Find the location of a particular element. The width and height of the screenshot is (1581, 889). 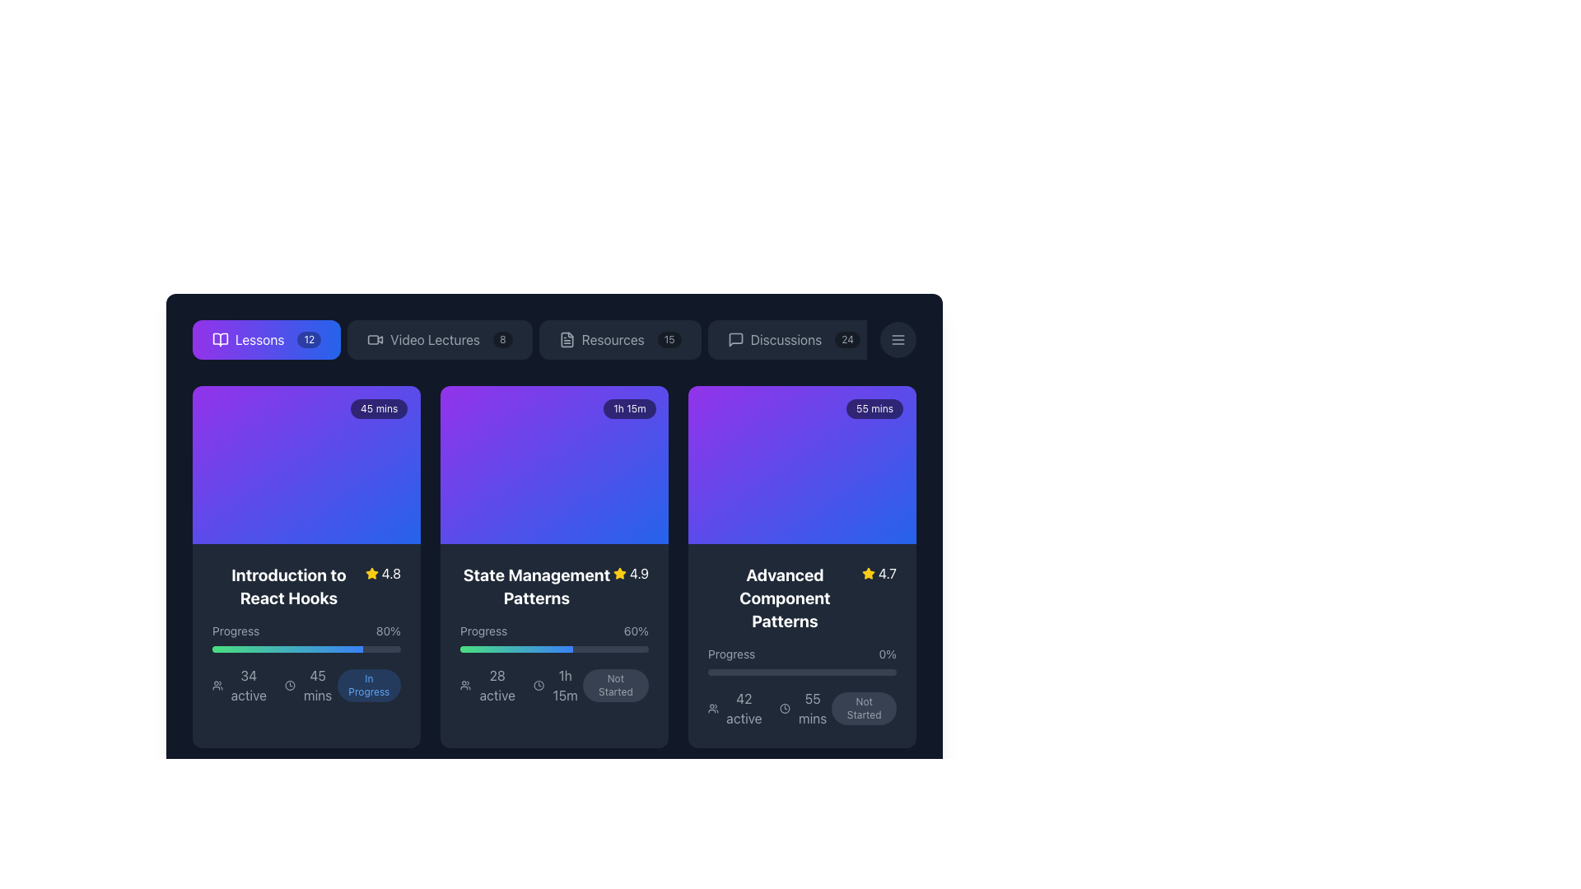

the star icon located at the bottom-right corner of the third card labeled 'Advanced Component Patterns' is located at coordinates (867, 573).